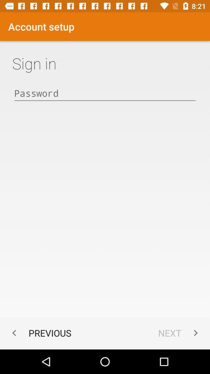  Describe the element at coordinates (180, 332) in the screenshot. I see `next icon` at that location.